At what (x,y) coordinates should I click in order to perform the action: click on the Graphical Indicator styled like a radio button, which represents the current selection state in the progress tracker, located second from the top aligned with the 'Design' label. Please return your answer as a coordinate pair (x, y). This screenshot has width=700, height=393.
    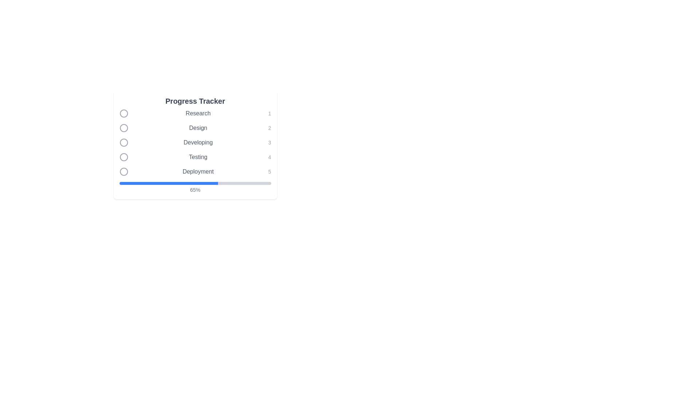
    Looking at the image, I should click on (124, 127).